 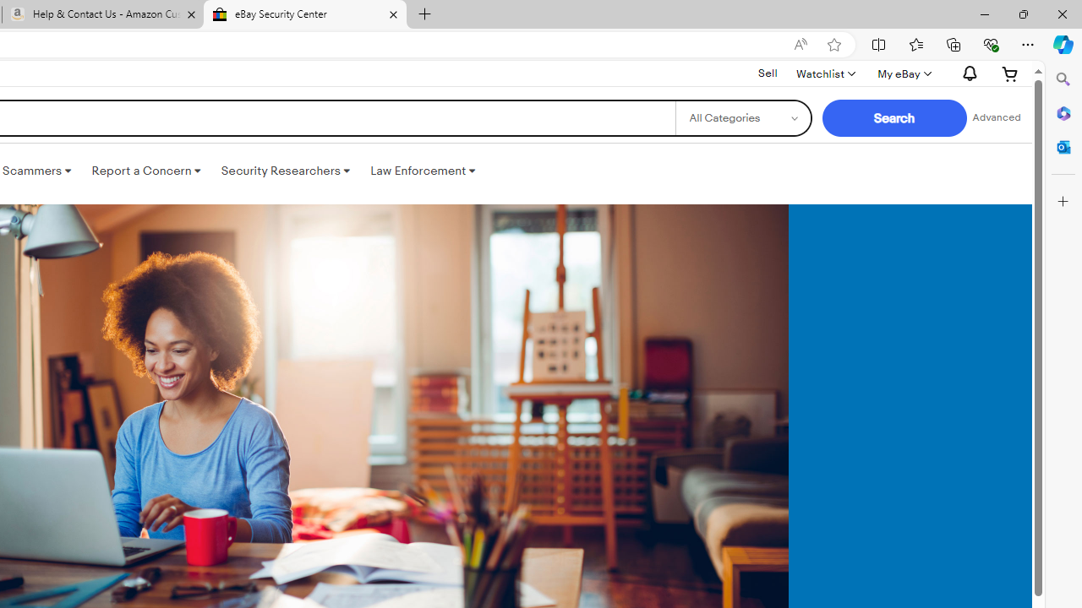 I want to click on 'Microsoft 365', so click(x=1063, y=112).